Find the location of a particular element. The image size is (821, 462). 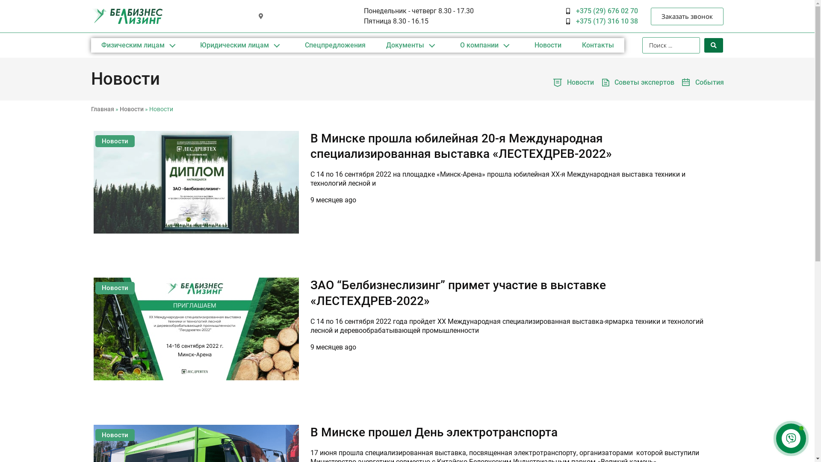

'+375 (17) 316 10 38' is located at coordinates (566, 21).